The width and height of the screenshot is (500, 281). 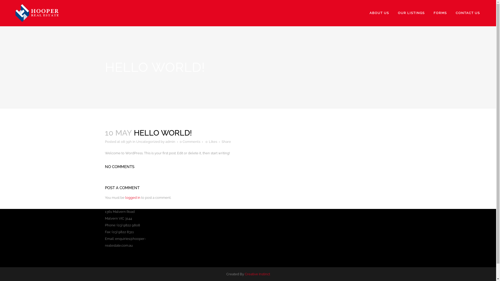 What do you see at coordinates (190, 142) in the screenshot?
I see `'0 Comments'` at bounding box center [190, 142].